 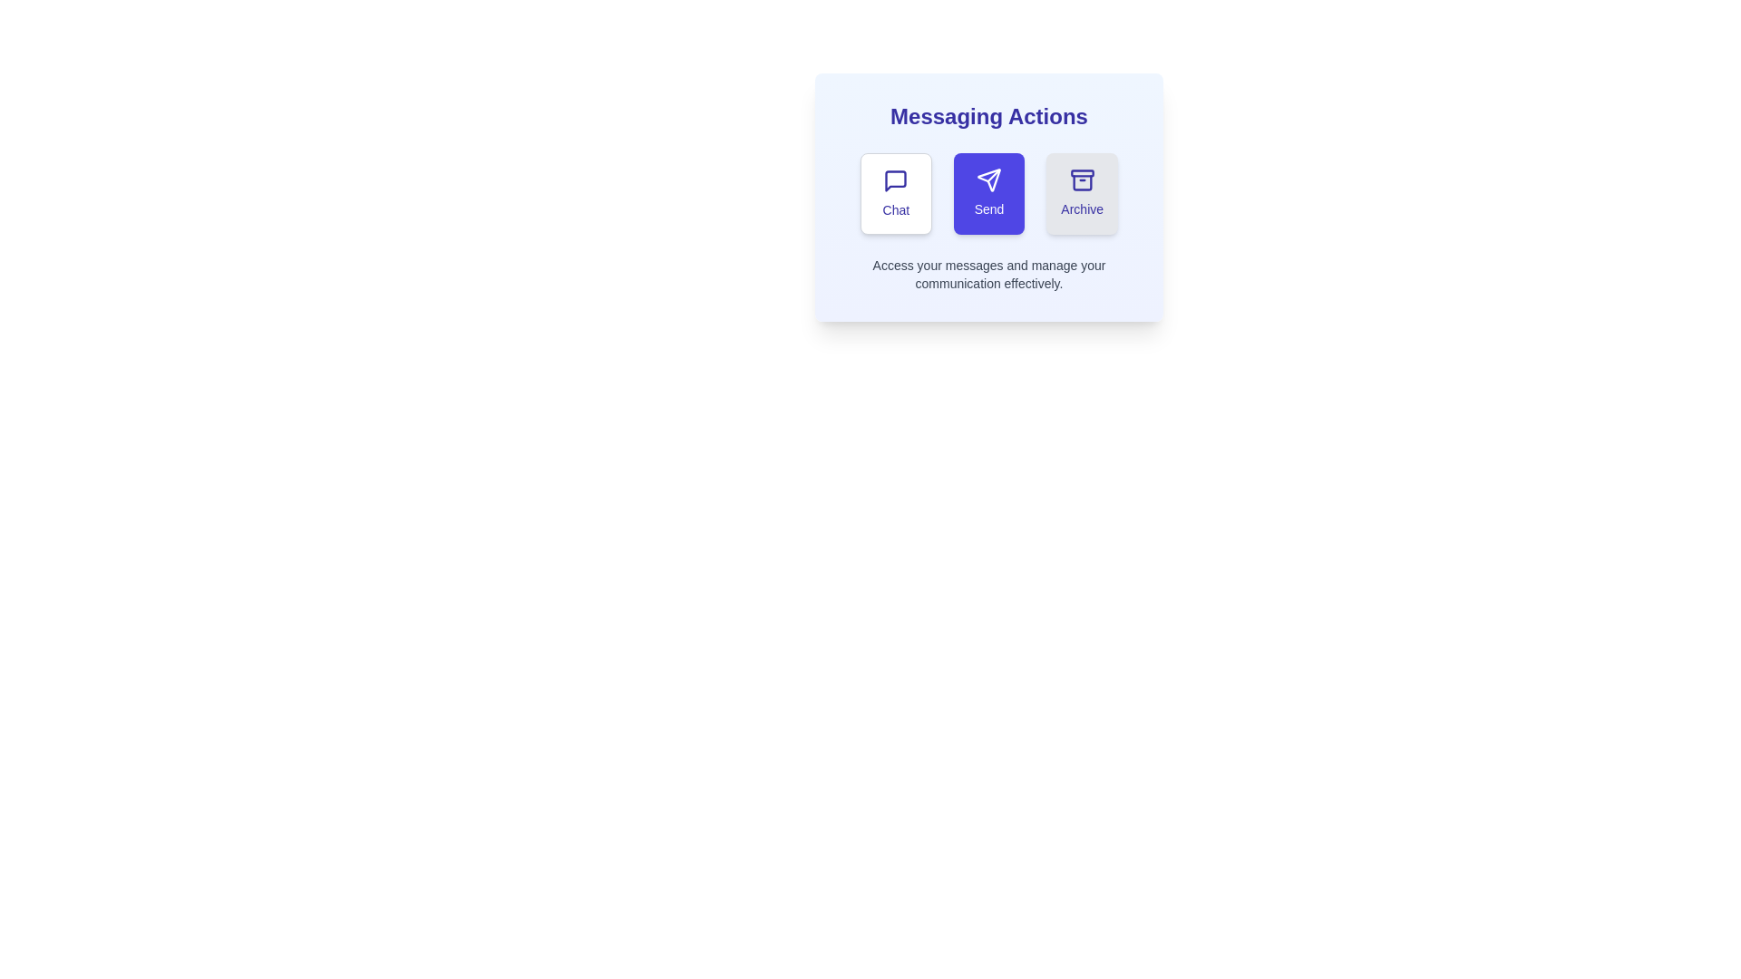 What do you see at coordinates (896, 193) in the screenshot?
I see `the chat initiation button located in the first column of the 'Messaging Actions' grid, positioned directly to the left of the 'Send' button for keyboard navigation access` at bounding box center [896, 193].